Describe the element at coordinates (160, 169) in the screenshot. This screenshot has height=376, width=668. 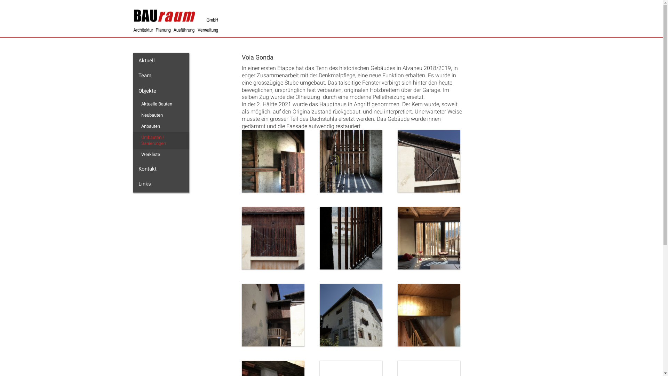
I see `'Kontakt'` at that location.